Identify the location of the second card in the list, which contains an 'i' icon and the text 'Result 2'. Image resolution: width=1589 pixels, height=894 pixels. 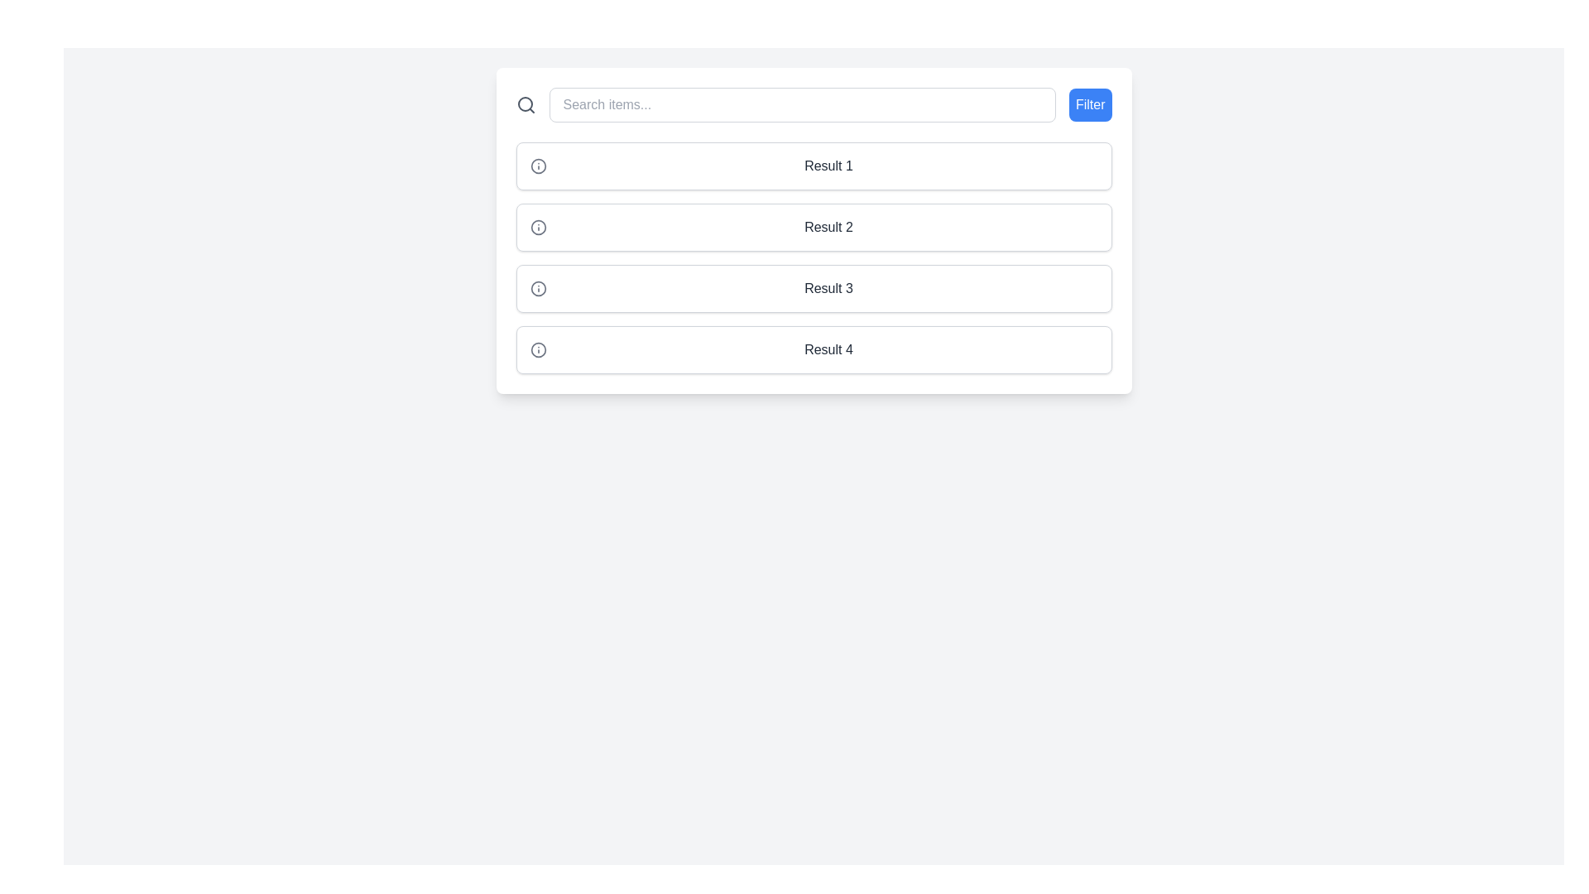
(814, 227).